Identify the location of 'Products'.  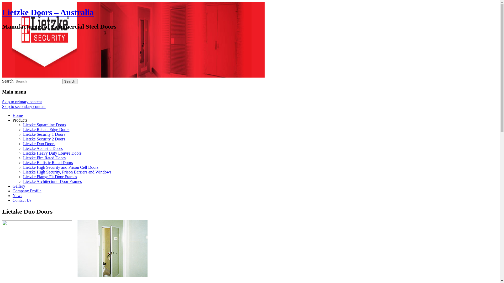
(20, 120).